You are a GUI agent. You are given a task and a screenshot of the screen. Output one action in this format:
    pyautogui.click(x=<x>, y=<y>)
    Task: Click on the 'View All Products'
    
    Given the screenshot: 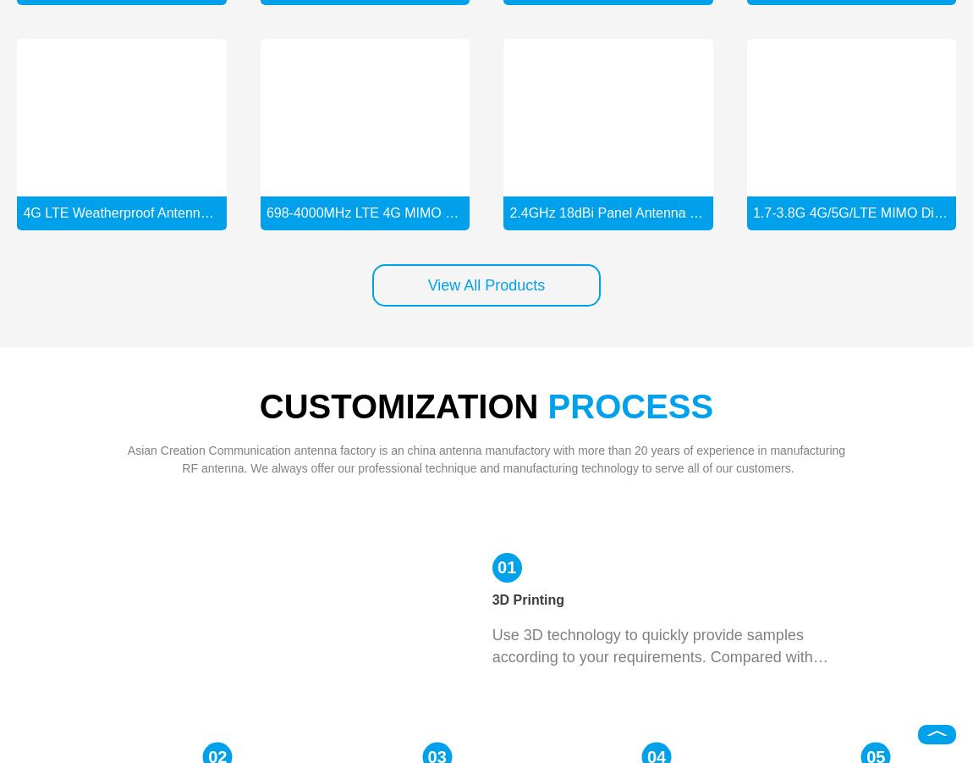 What is the action you would take?
    pyautogui.click(x=486, y=284)
    